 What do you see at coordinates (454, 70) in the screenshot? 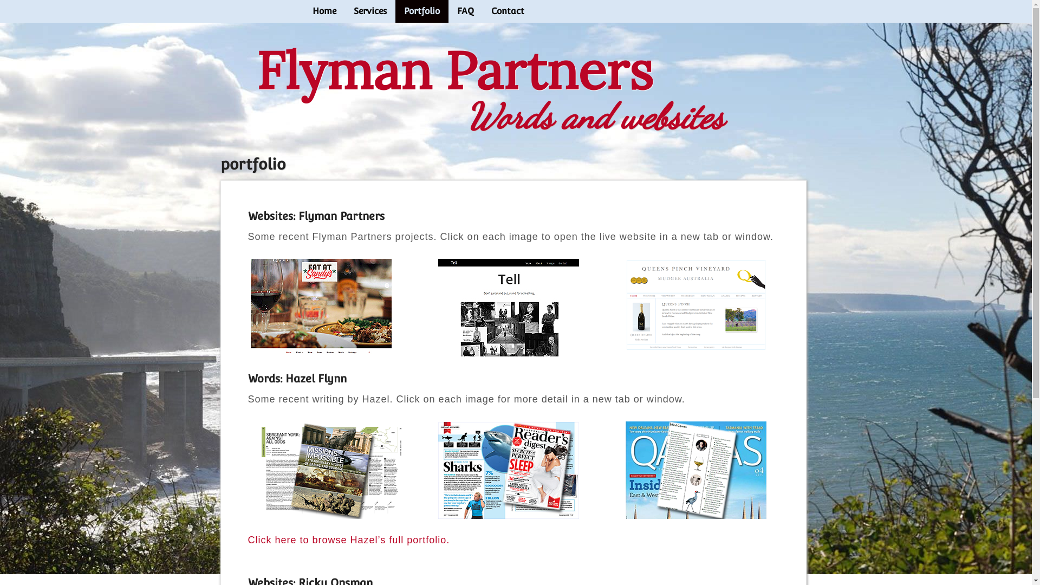
I see `'Flyman Partners'` at bounding box center [454, 70].